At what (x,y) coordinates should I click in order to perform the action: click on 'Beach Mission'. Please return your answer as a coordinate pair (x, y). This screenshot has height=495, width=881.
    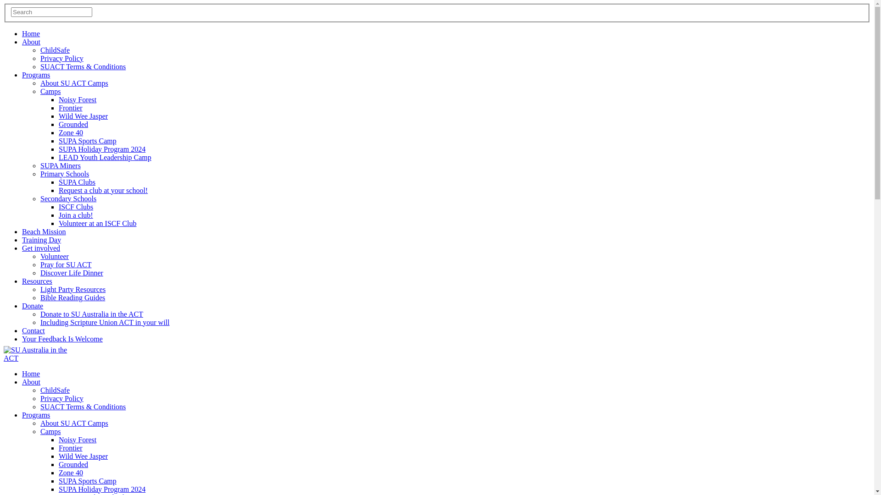
    Looking at the image, I should click on (44, 231).